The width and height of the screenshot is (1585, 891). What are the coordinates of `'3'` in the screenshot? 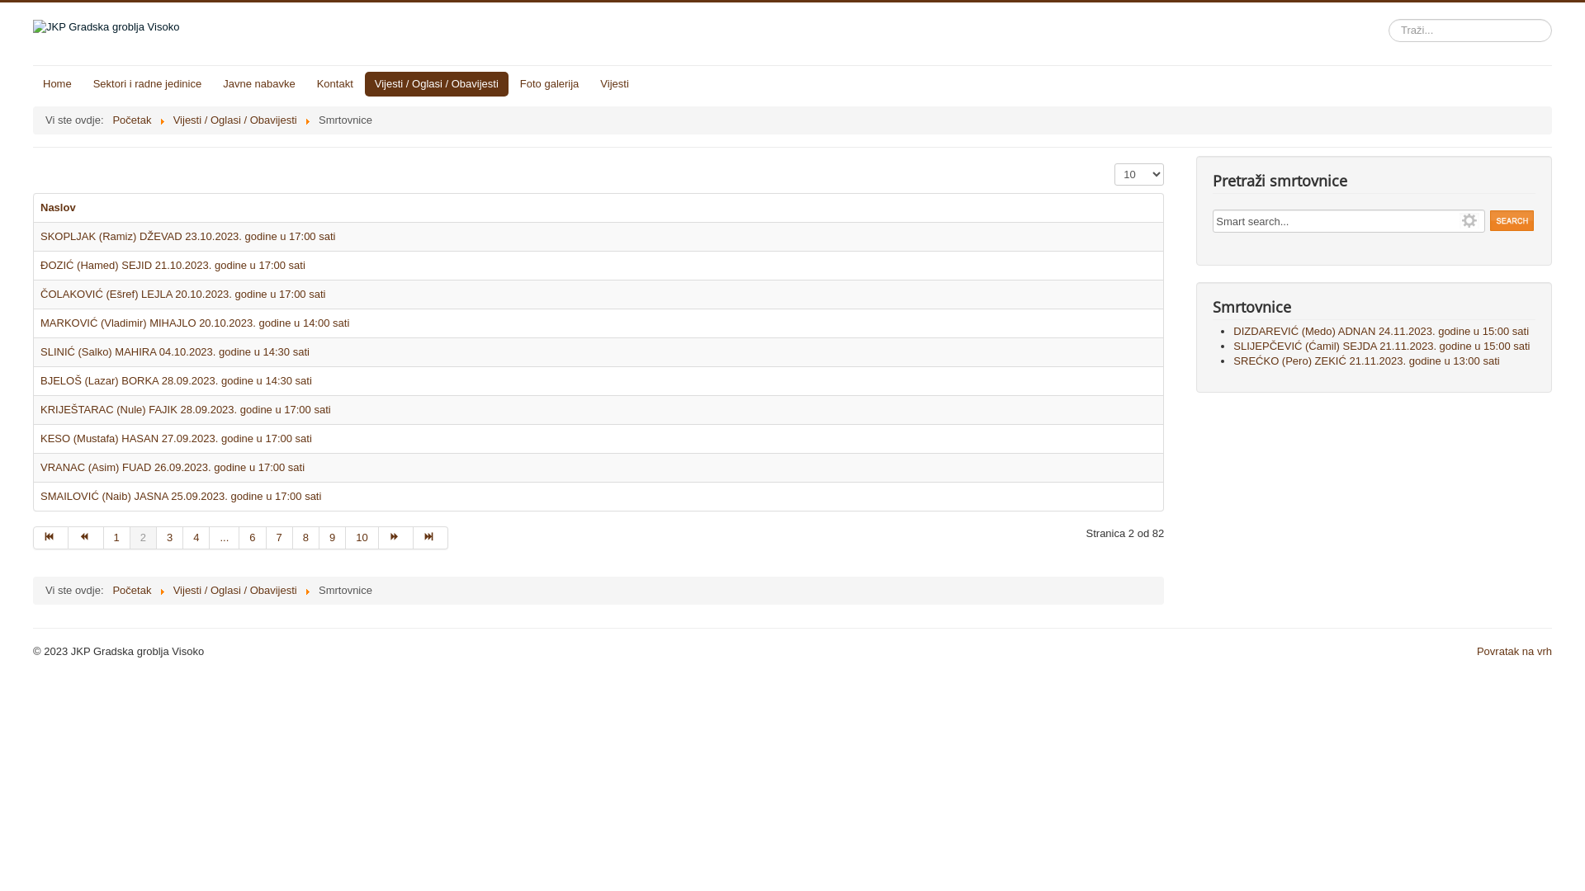 It's located at (170, 537).